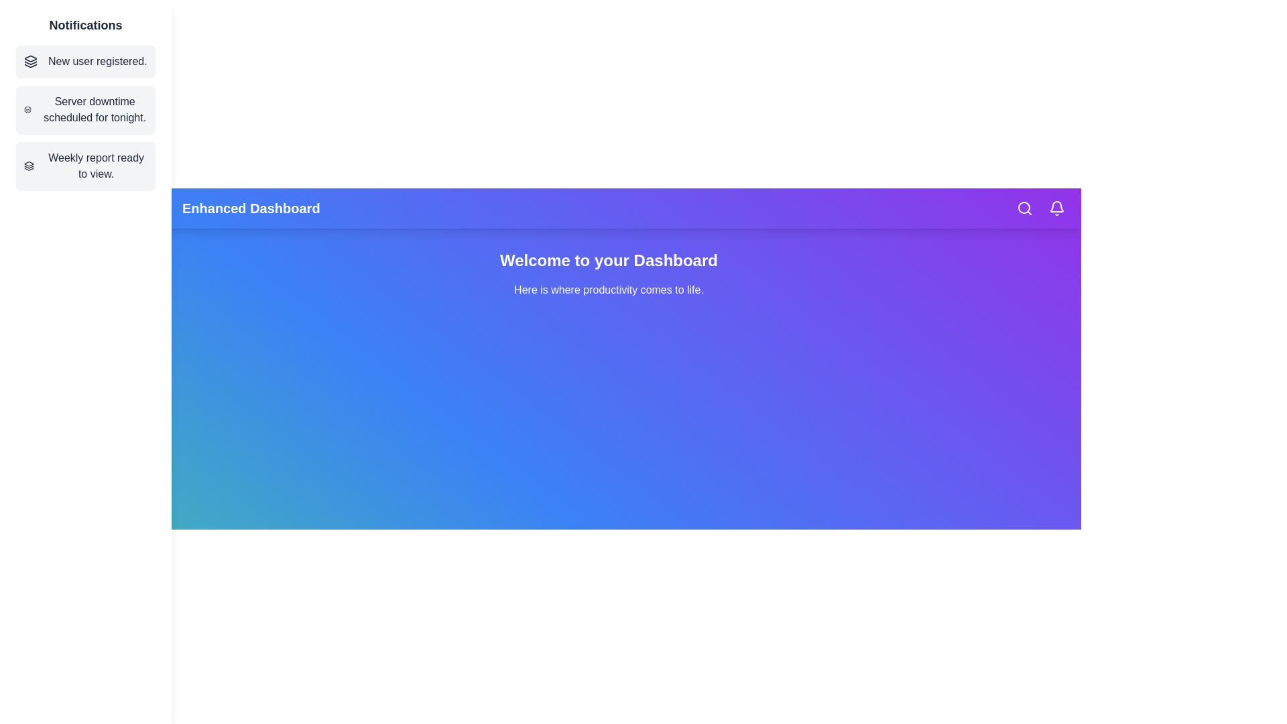 The image size is (1287, 724). I want to click on the notification labeled 'New user registered.' in the sidebar, so click(85, 62).